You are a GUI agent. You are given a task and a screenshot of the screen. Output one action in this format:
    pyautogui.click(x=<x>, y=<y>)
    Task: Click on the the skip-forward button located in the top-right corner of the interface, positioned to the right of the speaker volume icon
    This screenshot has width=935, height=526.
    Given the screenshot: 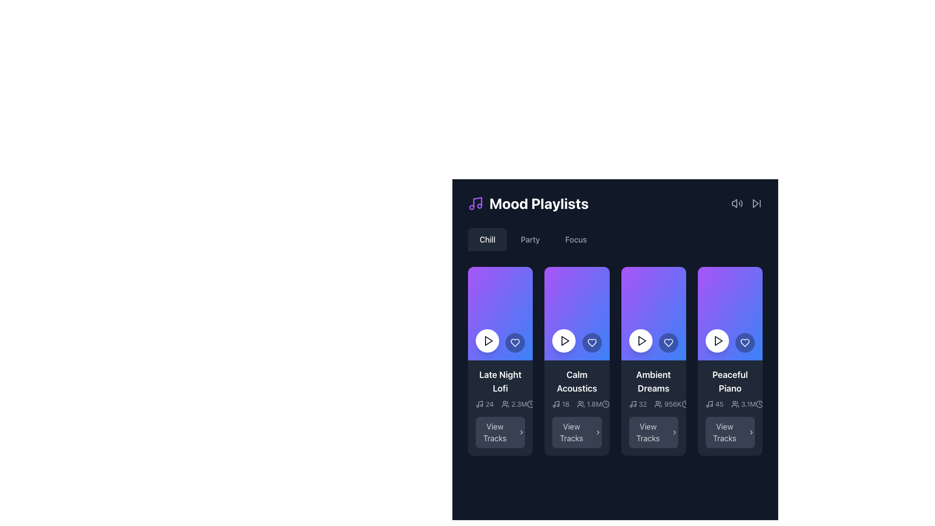 What is the action you would take?
    pyautogui.click(x=756, y=203)
    